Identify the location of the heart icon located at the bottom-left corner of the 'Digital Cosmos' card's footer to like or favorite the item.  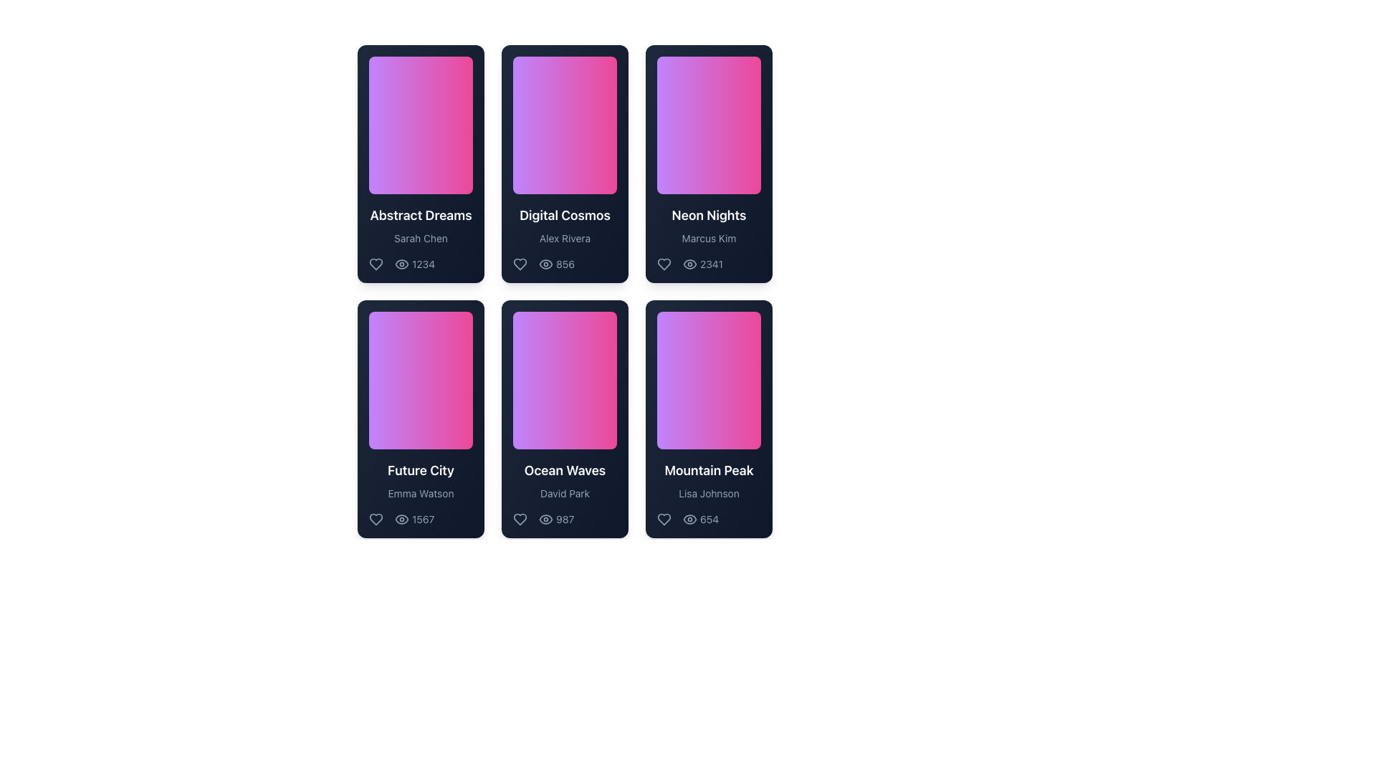
(519, 264).